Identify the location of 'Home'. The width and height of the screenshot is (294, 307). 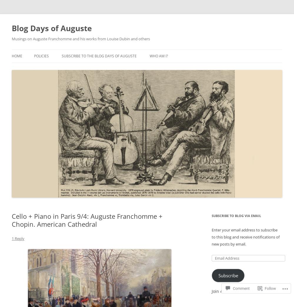
(17, 56).